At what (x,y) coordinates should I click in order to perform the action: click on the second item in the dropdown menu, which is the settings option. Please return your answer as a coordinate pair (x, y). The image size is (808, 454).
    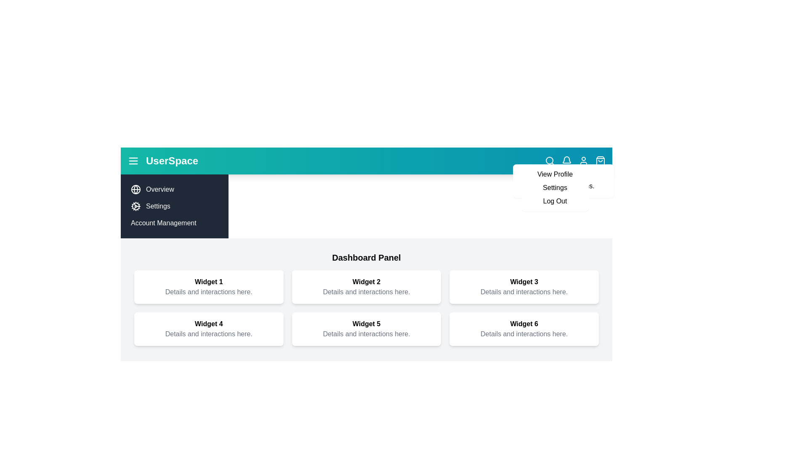
    Looking at the image, I should click on (555, 187).